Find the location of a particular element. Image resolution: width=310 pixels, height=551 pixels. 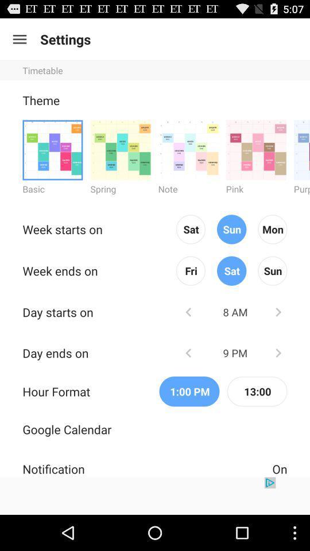

the arrow_forward icon is located at coordinates (277, 377).